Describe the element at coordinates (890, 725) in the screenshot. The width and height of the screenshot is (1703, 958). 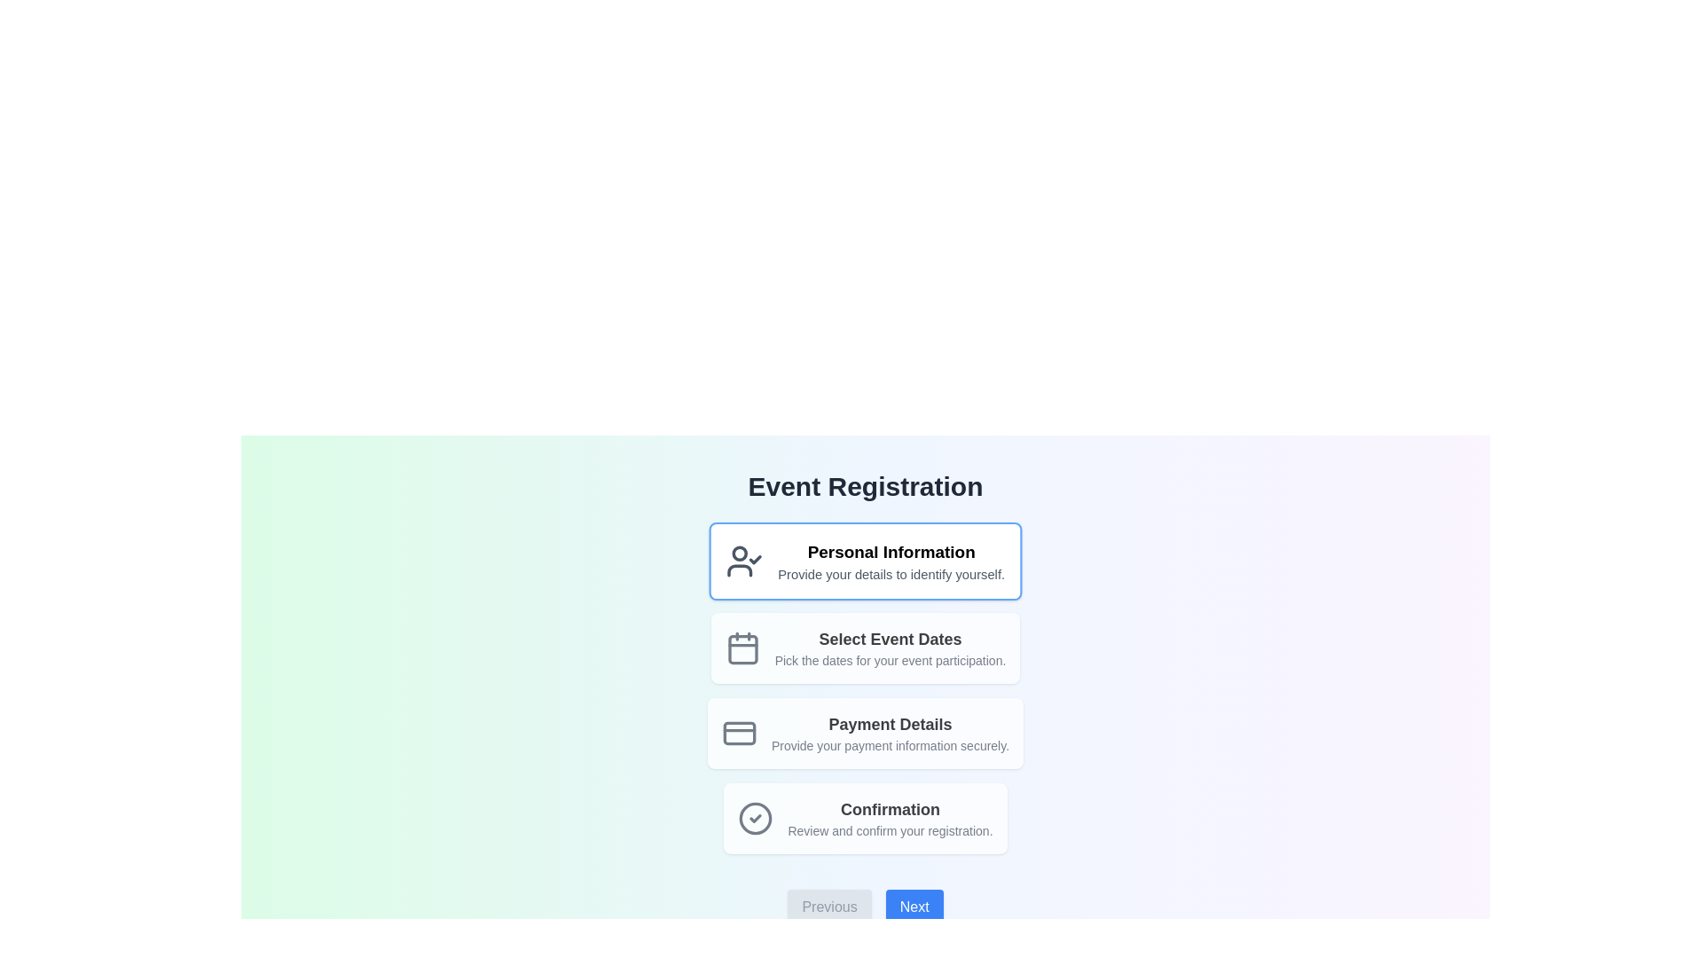
I see `the 'Payment Details' text label which is bold, large, and dark colored, positioned in the third option group of the registration process interface` at that location.